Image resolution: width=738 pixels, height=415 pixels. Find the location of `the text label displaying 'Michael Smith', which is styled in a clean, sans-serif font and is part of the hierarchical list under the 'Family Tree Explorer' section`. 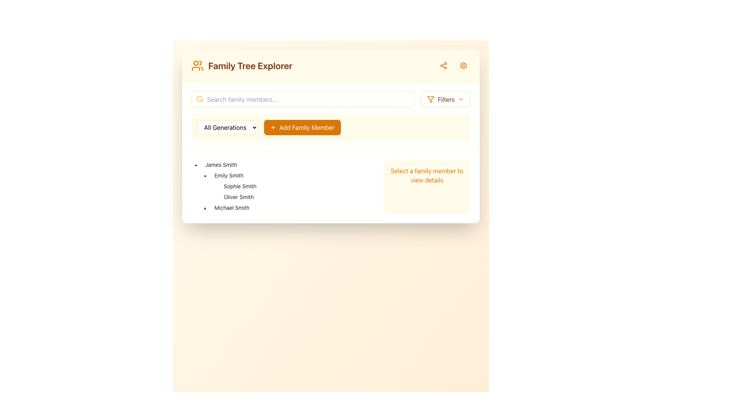

the text label displaying 'Michael Smith', which is styled in a clean, sans-serif font and is part of the hierarchical list under the 'Family Tree Explorer' section is located at coordinates (231, 207).